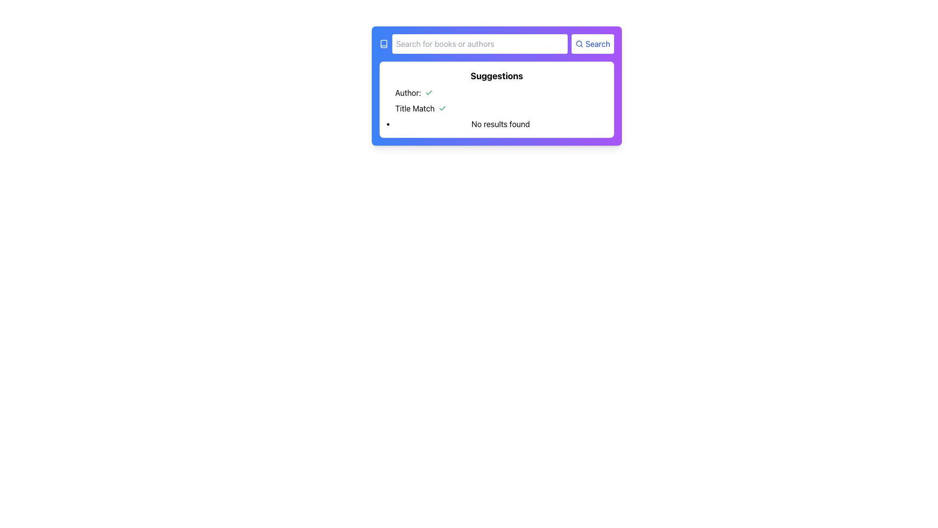  I want to click on the circular magnifying glass icon located inside the 'Search' button, so click(579, 43).